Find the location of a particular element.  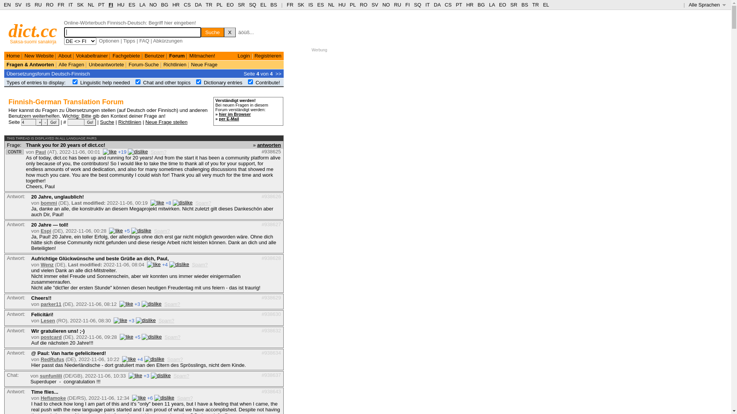

'EO' is located at coordinates (230, 5).